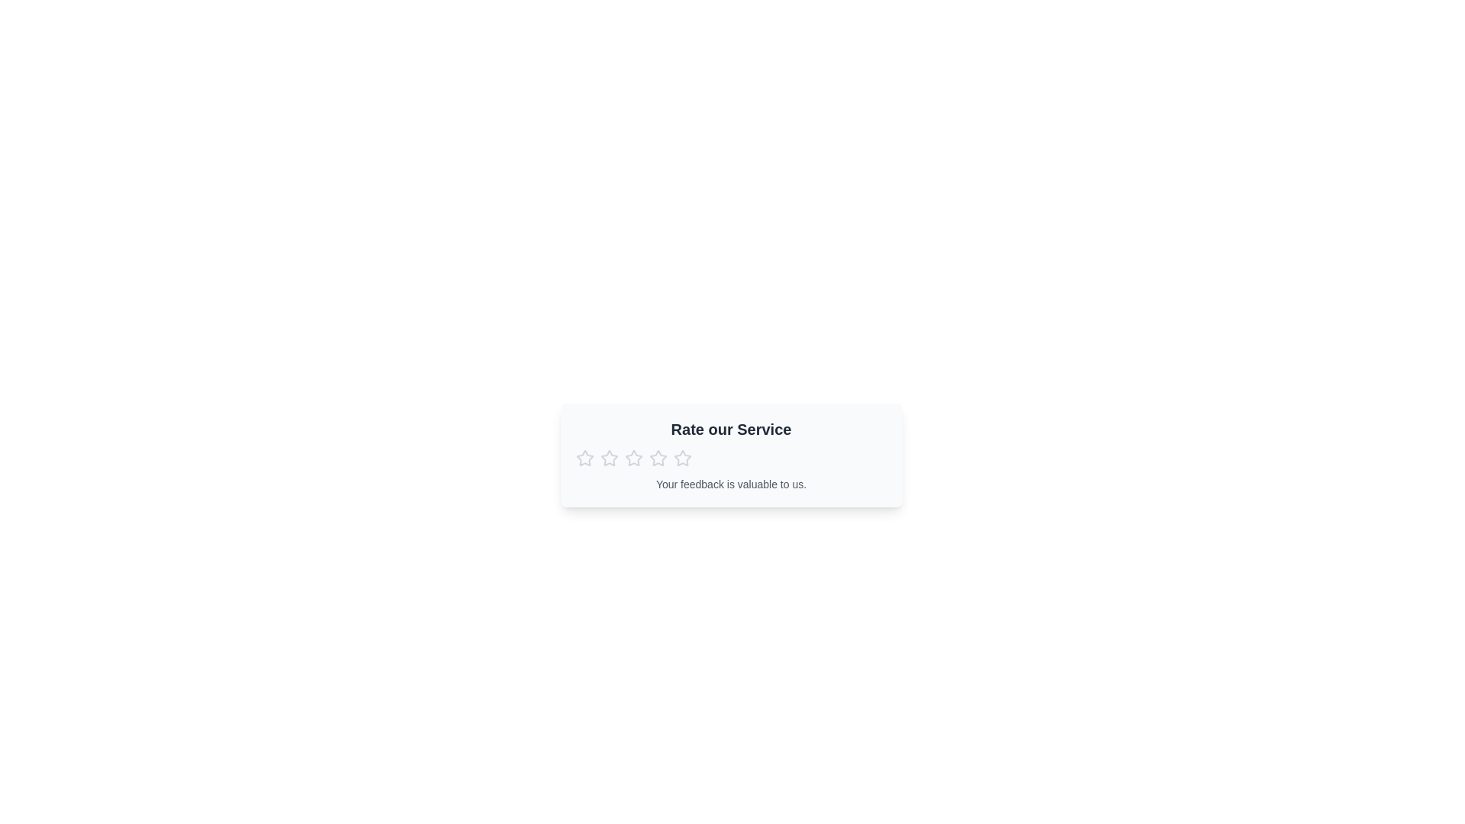 The height and width of the screenshot is (824, 1465). I want to click on the fourth star icon in the rating component, so click(658, 458).